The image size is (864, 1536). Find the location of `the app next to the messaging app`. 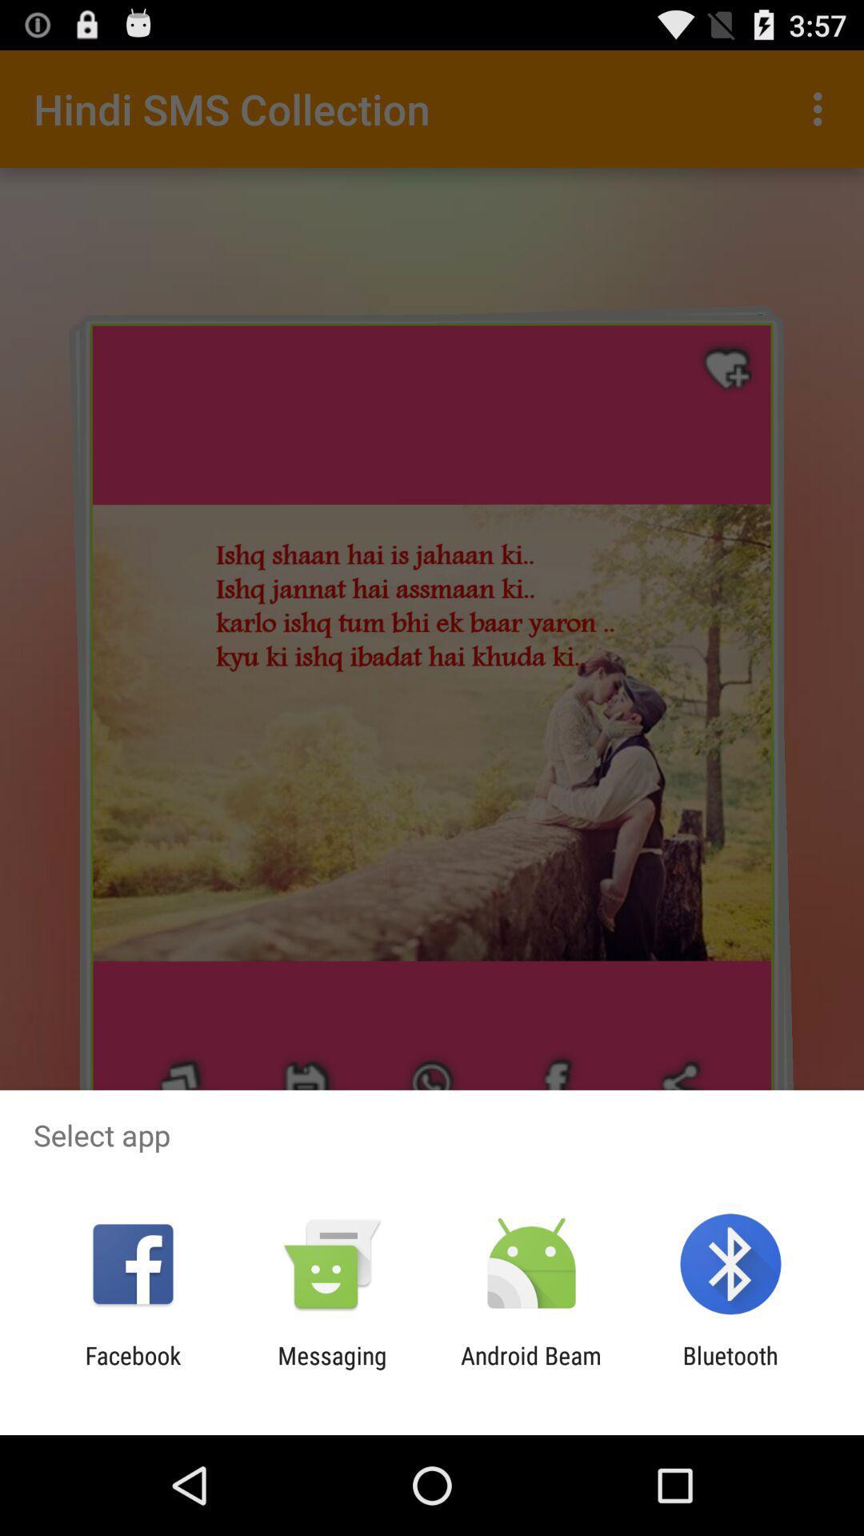

the app next to the messaging app is located at coordinates (531, 1369).